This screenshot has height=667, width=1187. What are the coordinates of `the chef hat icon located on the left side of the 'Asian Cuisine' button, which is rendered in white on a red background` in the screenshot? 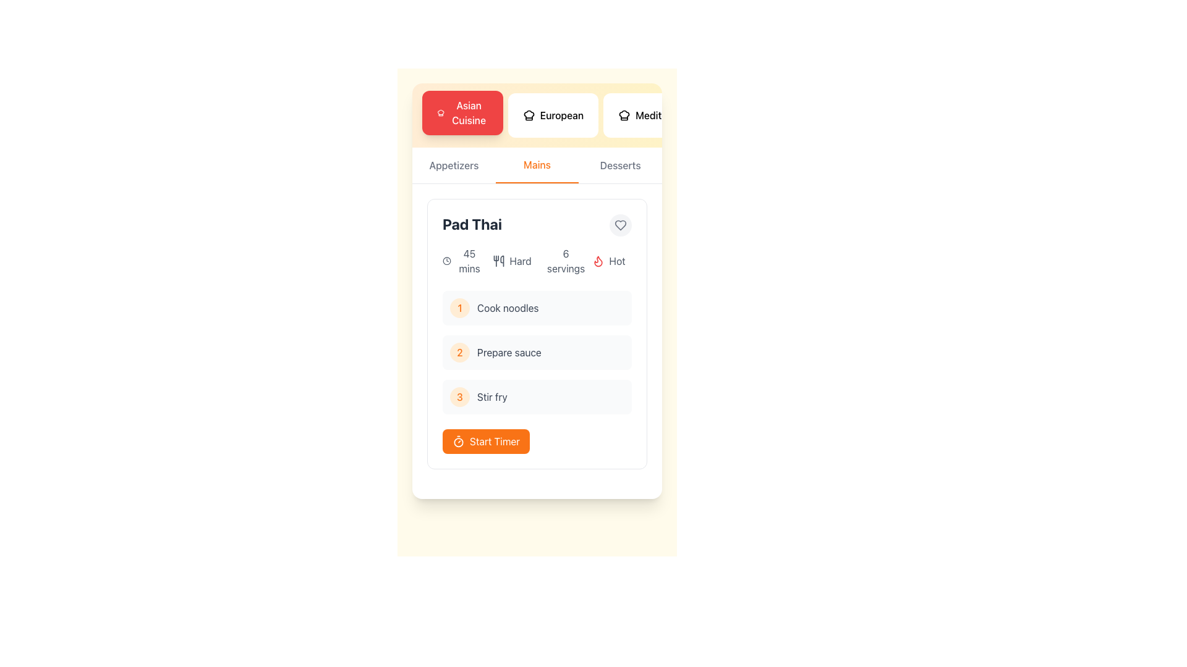 It's located at (441, 112).